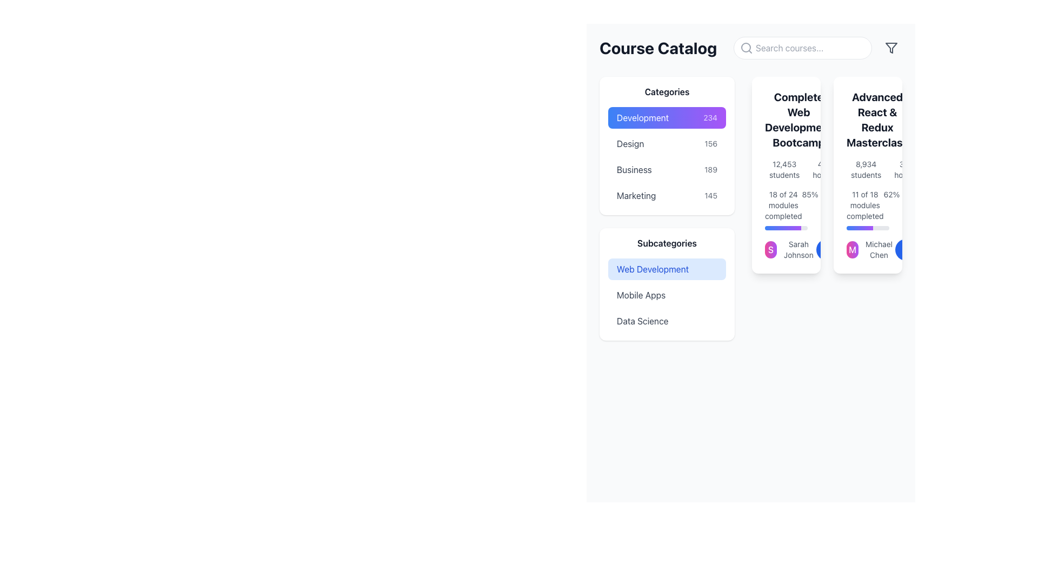 This screenshot has width=1038, height=584. I want to click on displayed text 'Michael Chen' from the label located at the bottom-right corner of the card labeled 'Advanced React & Redux Masterclass', positioned to the right of a circular icon and below a progress bar, so click(879, 250).